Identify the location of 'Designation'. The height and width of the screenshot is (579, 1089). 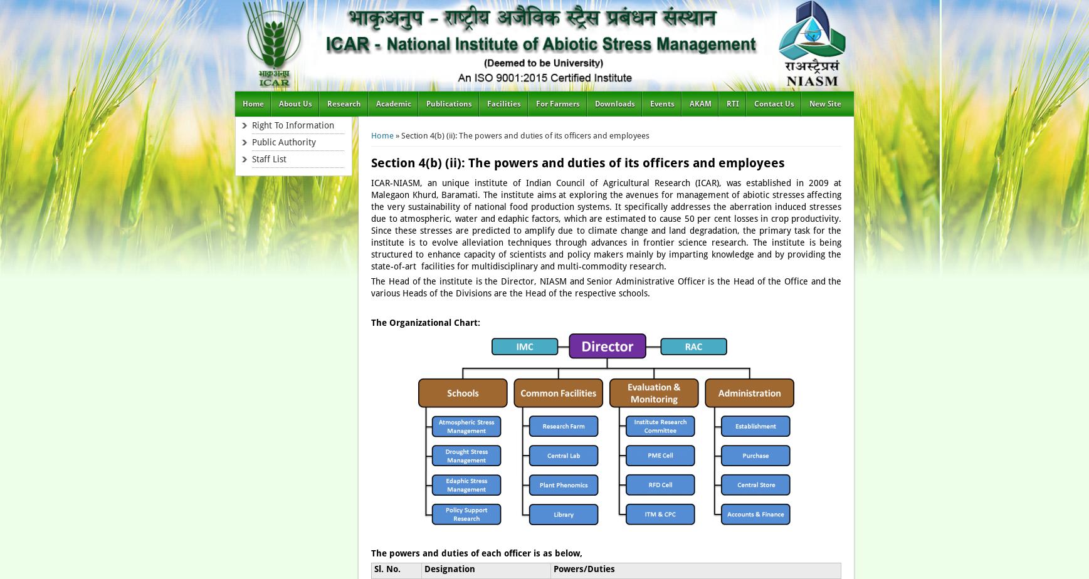
(448, 568).